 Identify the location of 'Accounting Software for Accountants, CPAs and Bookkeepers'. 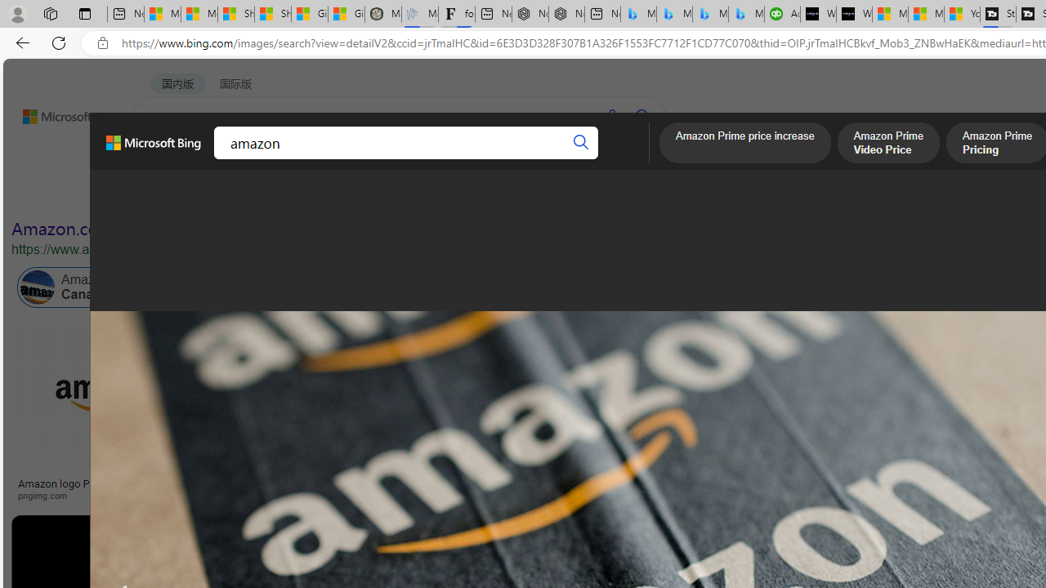
(781, 14).